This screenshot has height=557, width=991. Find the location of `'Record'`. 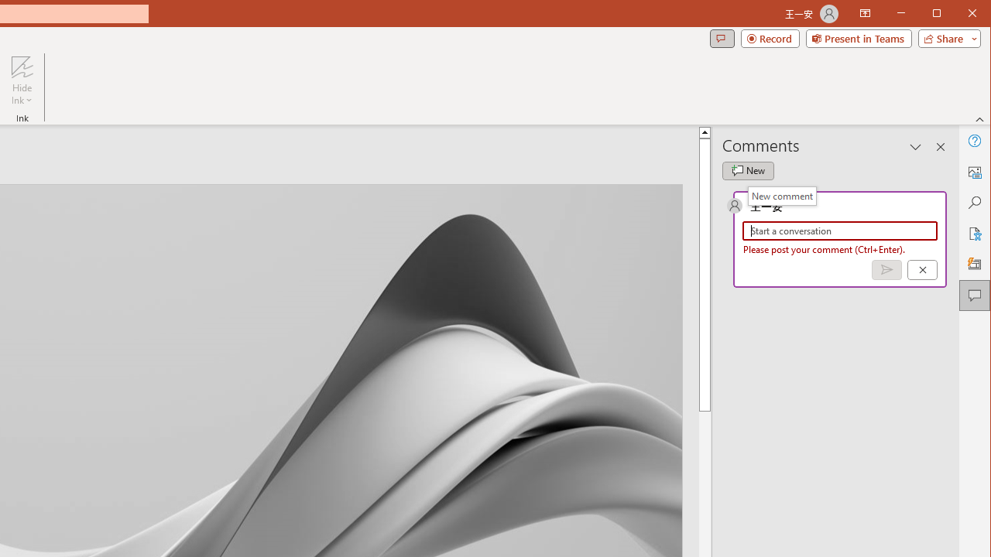

'Record' is located at coordinates (770, 38).